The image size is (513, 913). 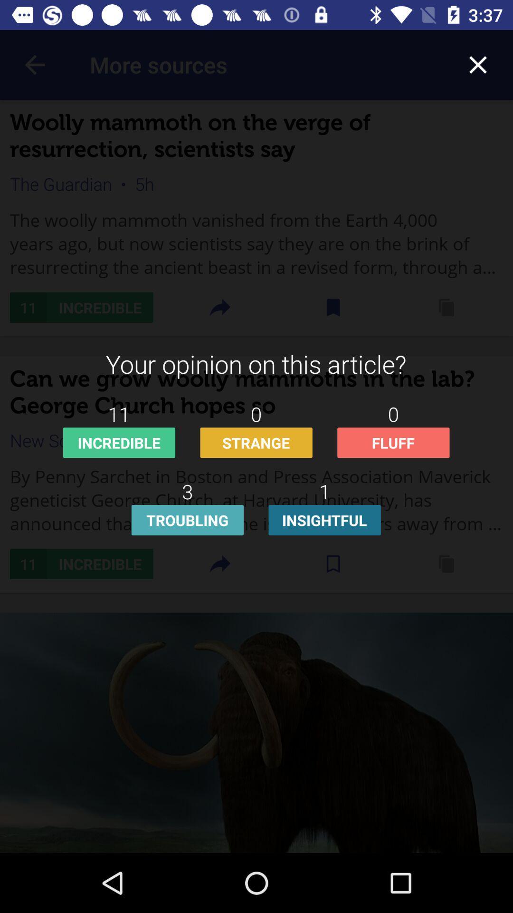 I want to click on the close icon, so click(x=478, y=64).